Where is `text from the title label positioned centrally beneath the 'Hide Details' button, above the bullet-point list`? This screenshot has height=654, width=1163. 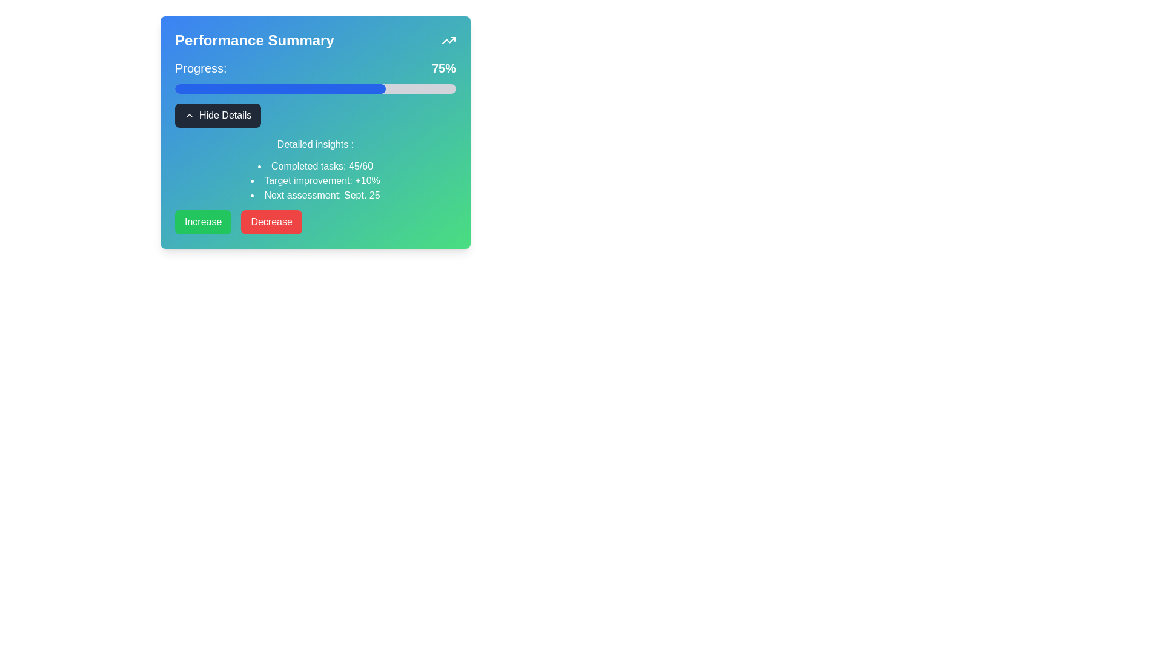 text from the title label positioned centrally beneath the 'Hide Details' button, above the bullet-point list is located at coordinates (316, 144).